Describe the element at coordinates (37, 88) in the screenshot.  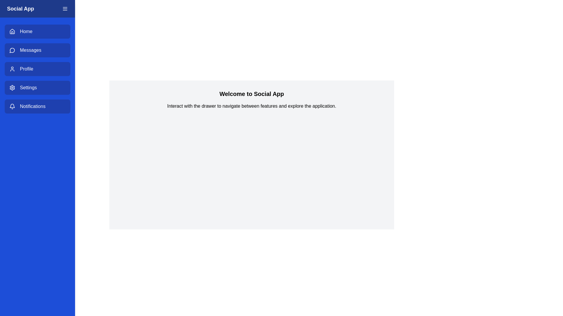
I see `the menu item Settings to highlight it` at that location.